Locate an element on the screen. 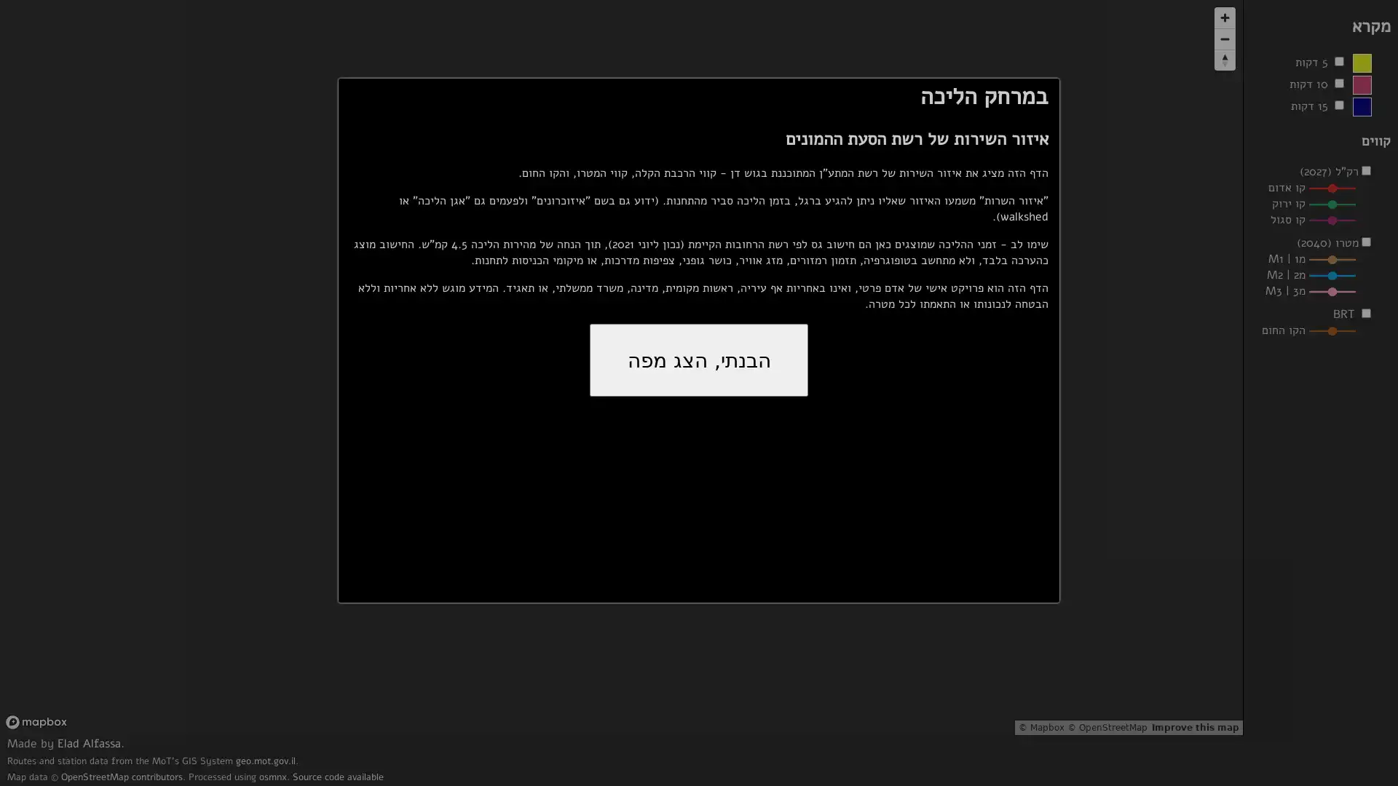 The width and height of the screenshot is (1398, 786). Zoom in is located at coordinates (1224, 17).